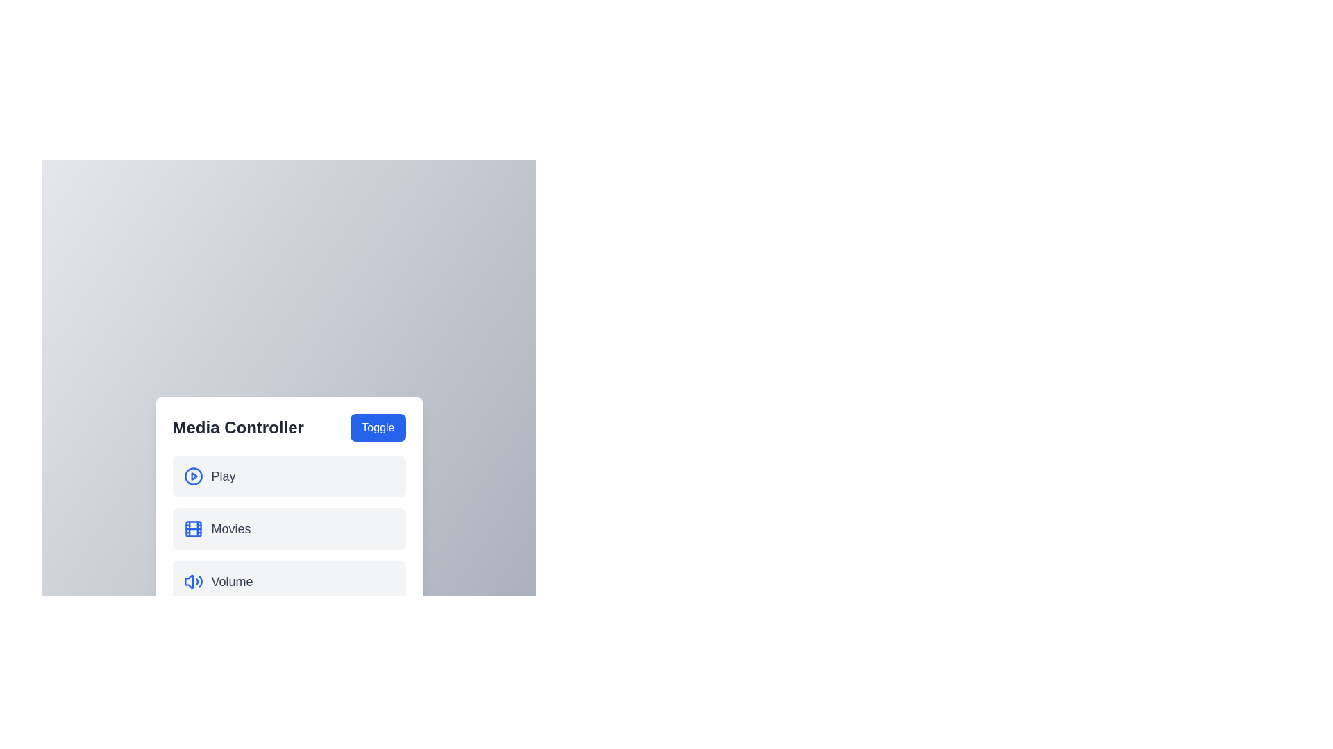  I want to click on the menu item Play, so click(288, 475).